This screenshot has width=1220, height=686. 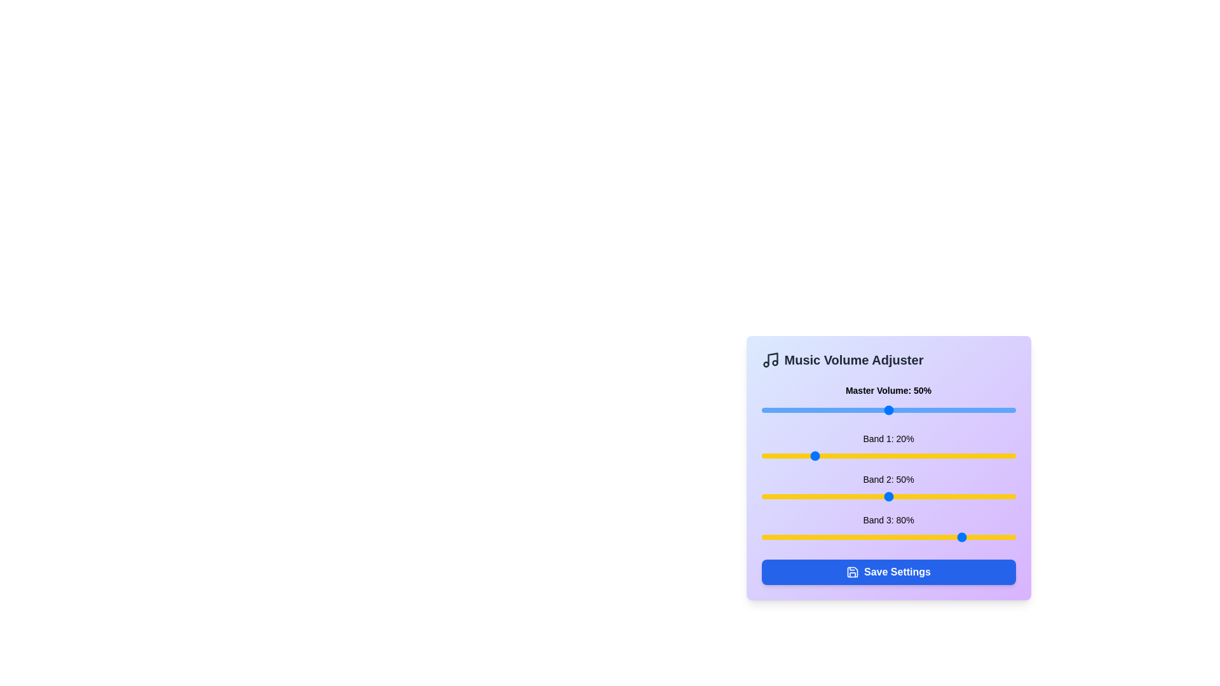 What do you see at coordinates (776, 410) in the screenshot?
I see `the slider` at bounding box center [776, 410].